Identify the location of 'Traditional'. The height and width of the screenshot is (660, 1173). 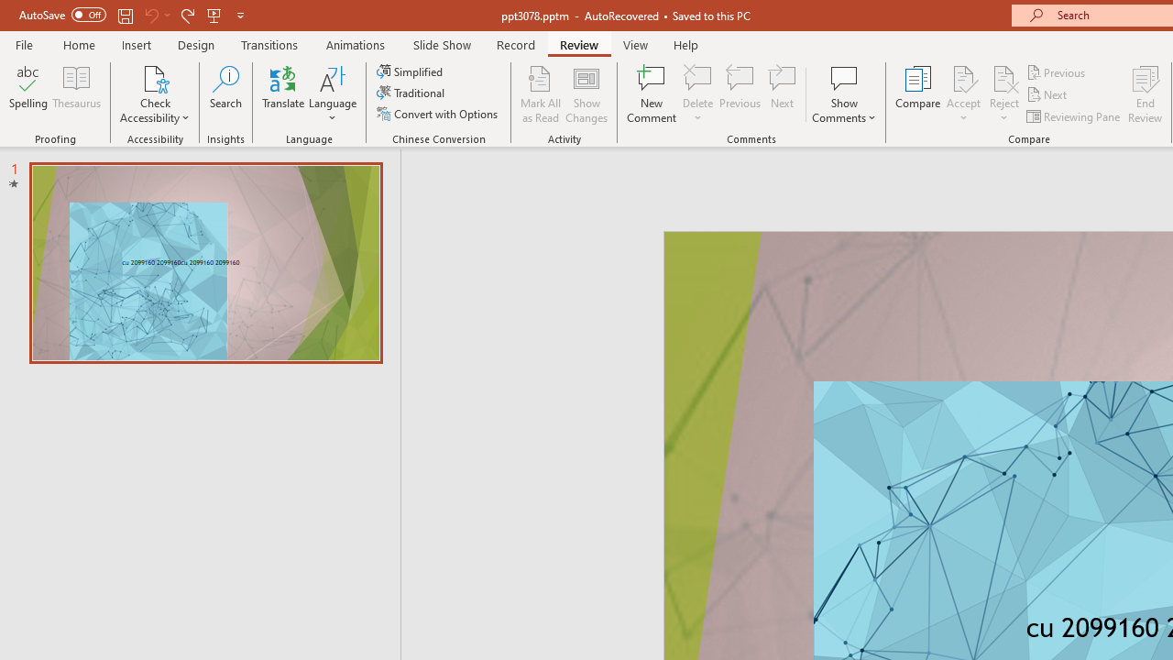
(411, 93).